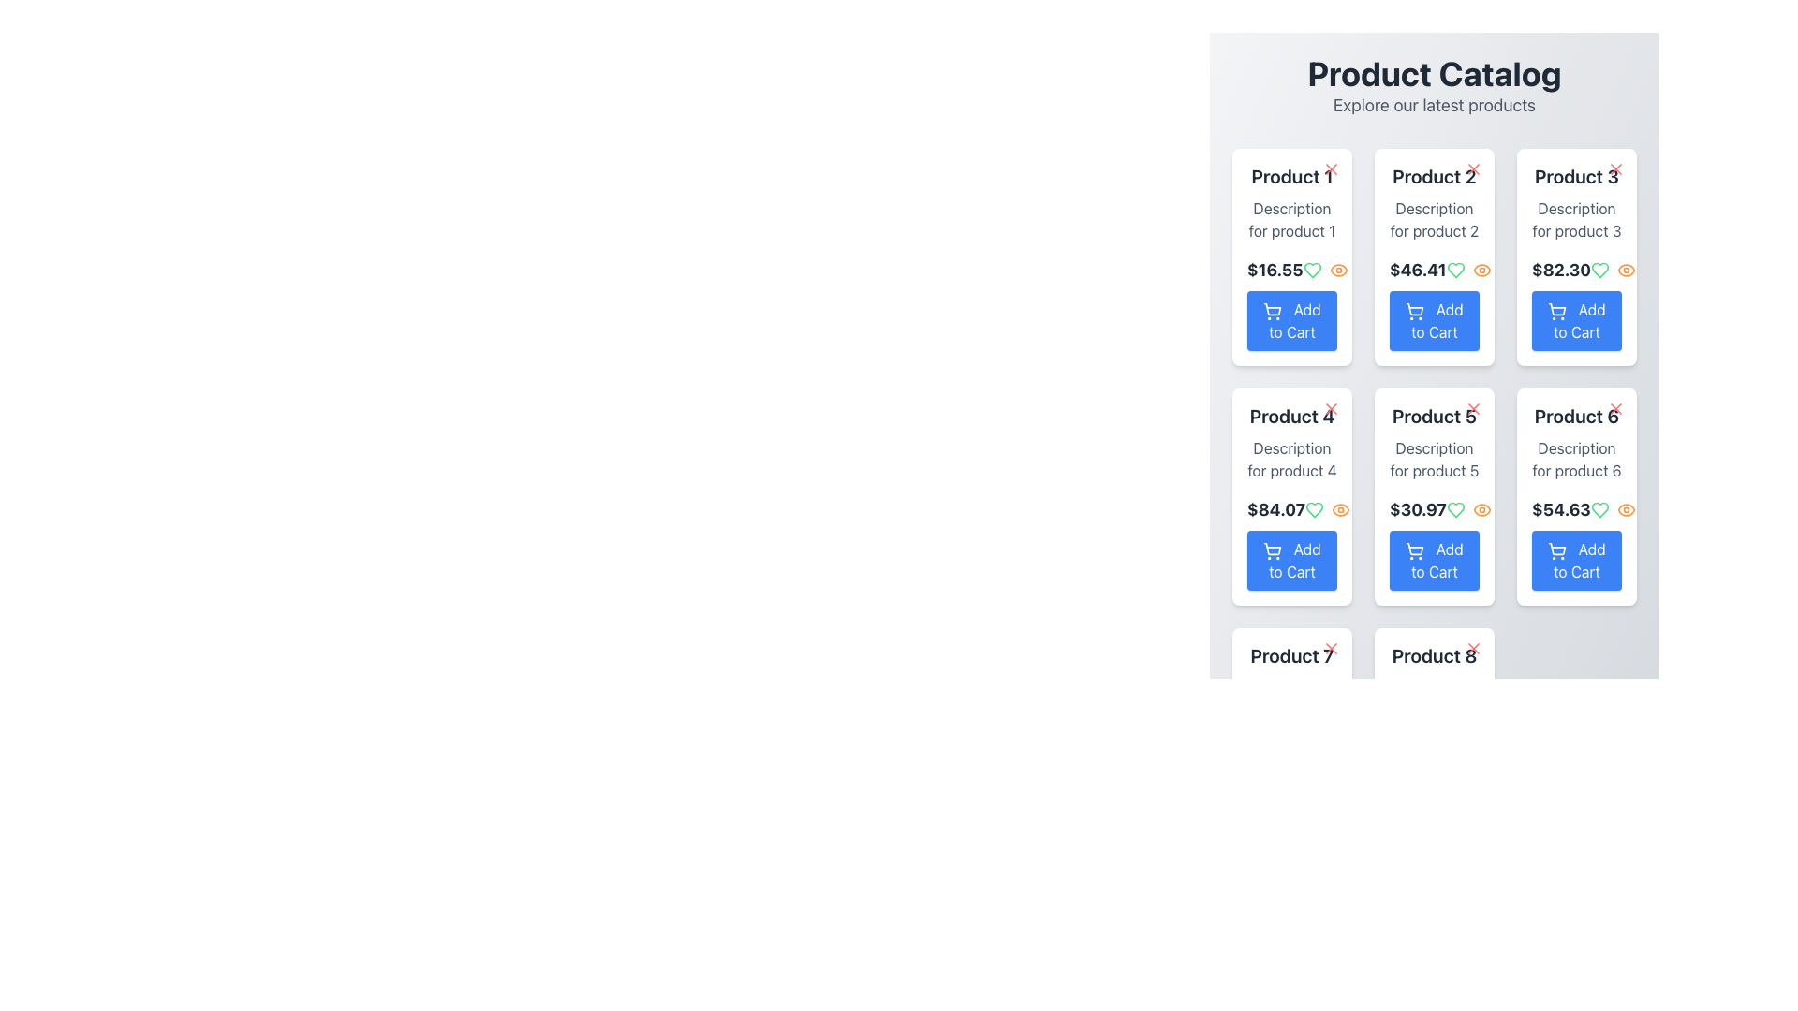 The width and height of the screenshot is (1798, 1011). I want to click on the shopping cart icon located within the 'Add to Cart' button of the third product card in the first row of the product catalog, so click(1557, 310).